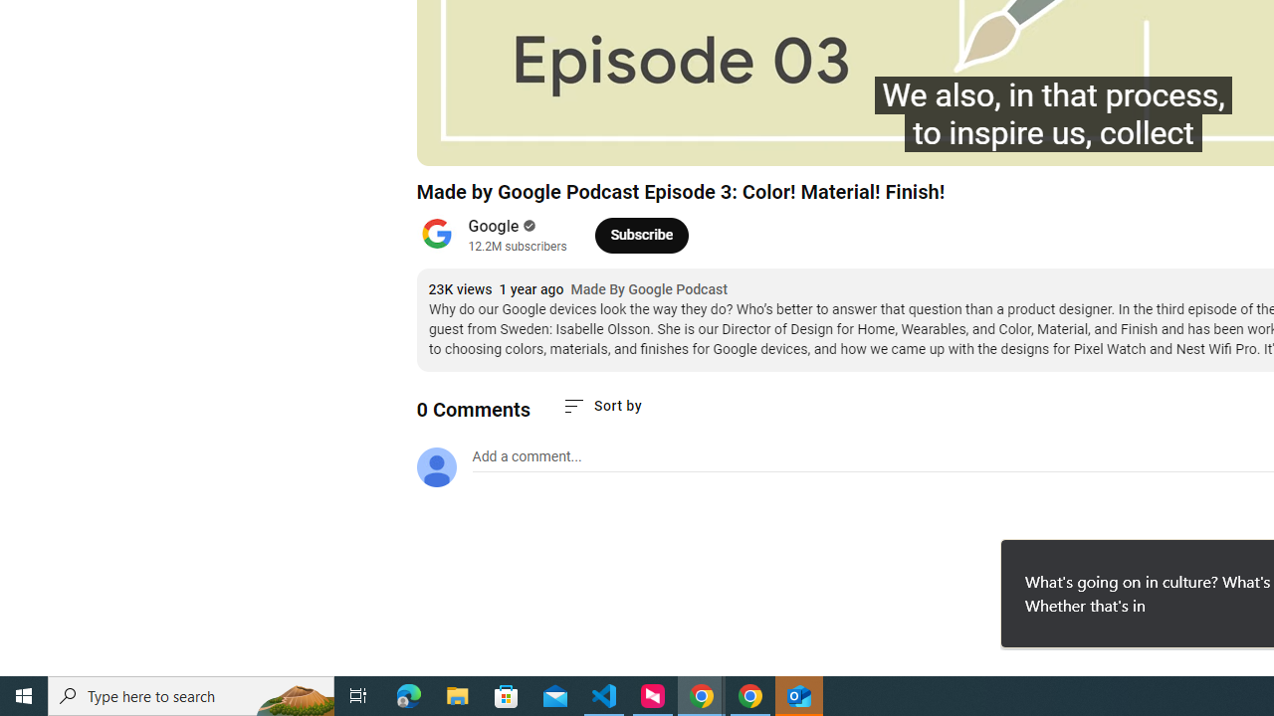 The height and width of the screenshot is (716, 1274). What do you see at coordinates (436, 467) in the screenshot?
I see `'Default profile photo'` at bounding box center [436, 467].